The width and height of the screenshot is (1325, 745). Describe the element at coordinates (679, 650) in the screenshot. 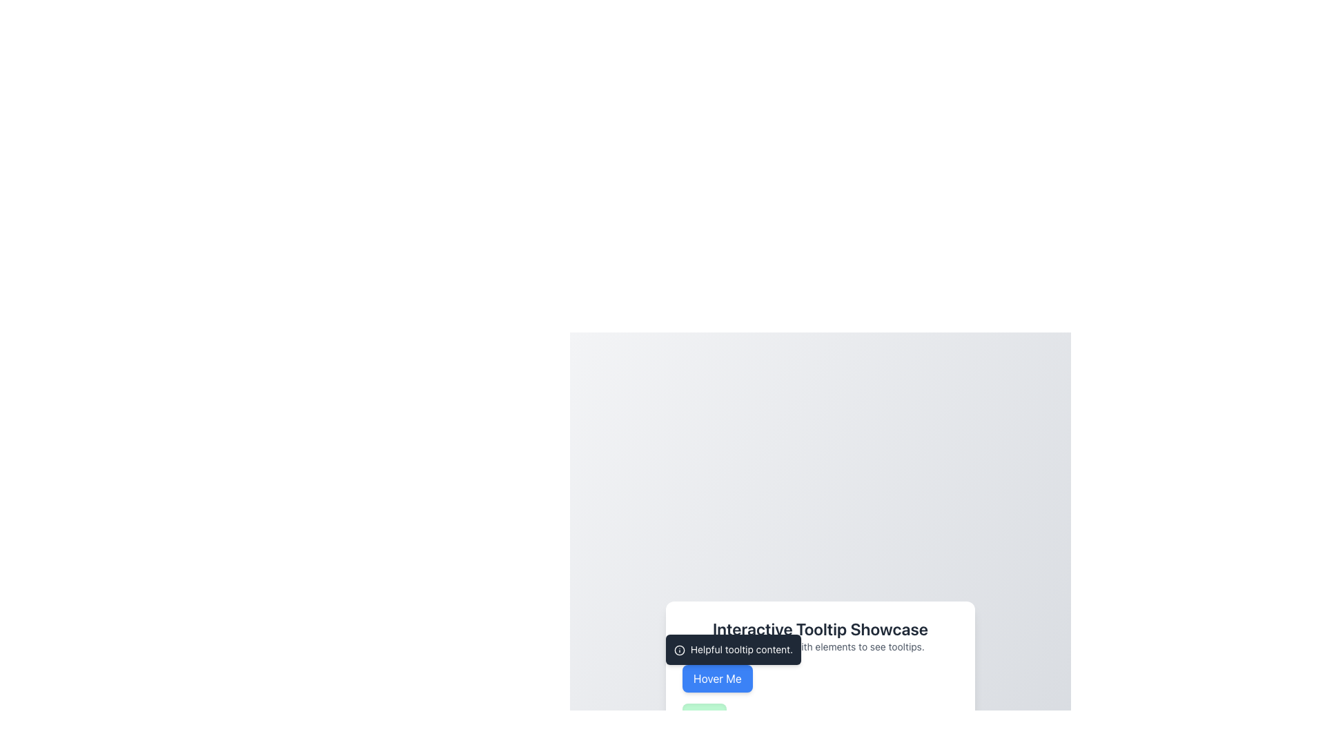

I see `the informational icon located at the top-left of the tooltip containing 'Helpful tooltip content' to potentially access further information` at that location.